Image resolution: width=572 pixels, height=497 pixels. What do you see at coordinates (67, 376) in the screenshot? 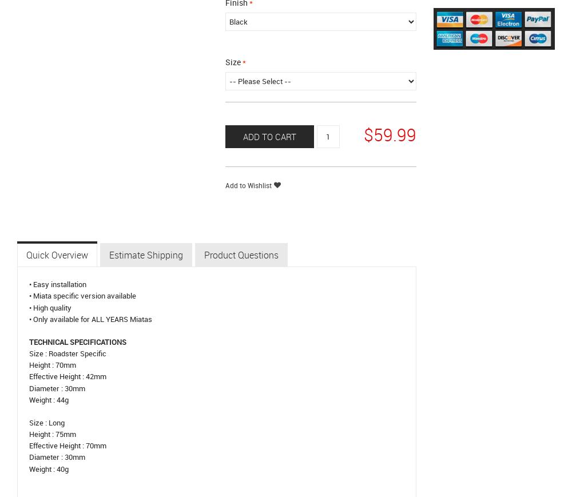
I see `'Effective Height : 42mm'` at bounding box center [67, 376].